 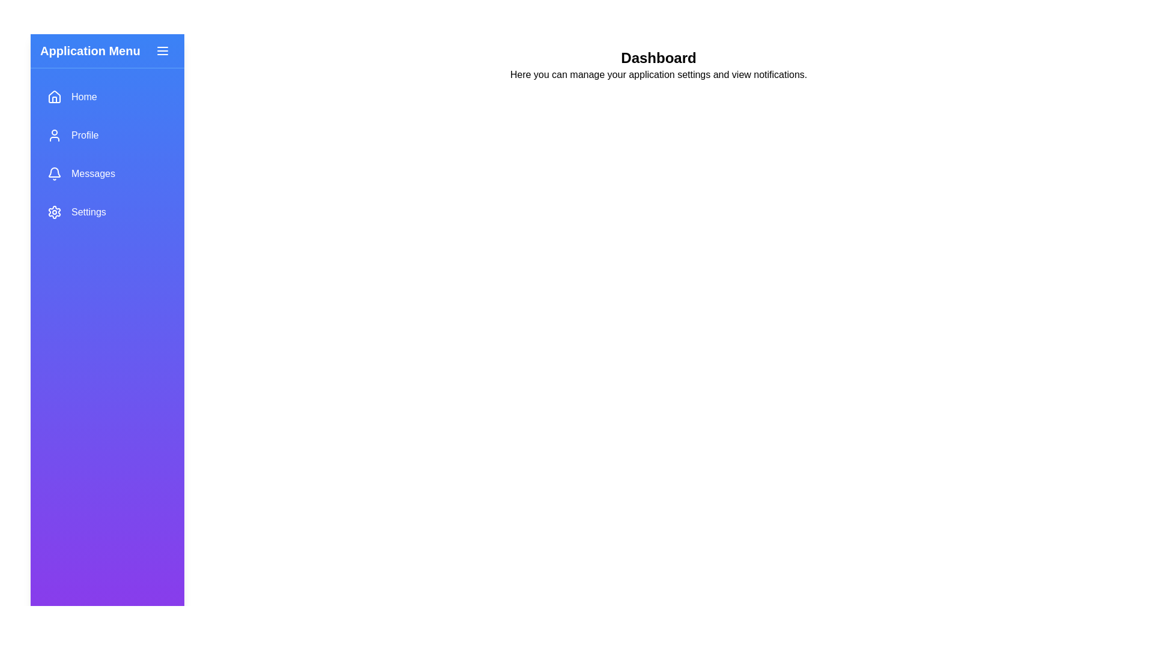 I want to click on the 'Profile' menu item, which is the second item in the vertical navigation menu, so click(x=107, y=135).